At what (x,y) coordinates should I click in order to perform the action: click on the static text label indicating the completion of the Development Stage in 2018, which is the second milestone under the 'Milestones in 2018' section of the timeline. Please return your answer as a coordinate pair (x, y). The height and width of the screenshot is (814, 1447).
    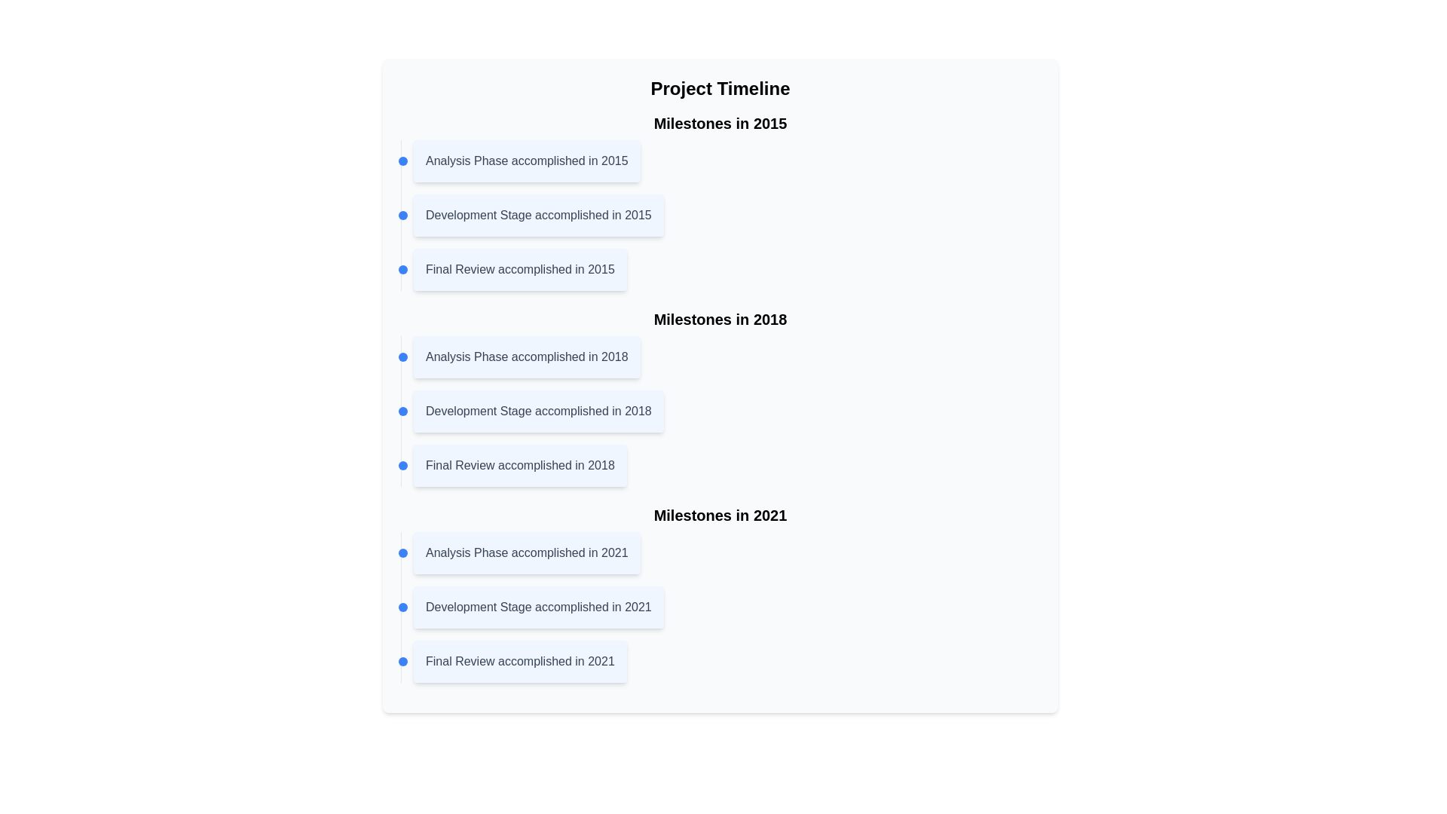
    Looking at the image, I should click on (538, 412).